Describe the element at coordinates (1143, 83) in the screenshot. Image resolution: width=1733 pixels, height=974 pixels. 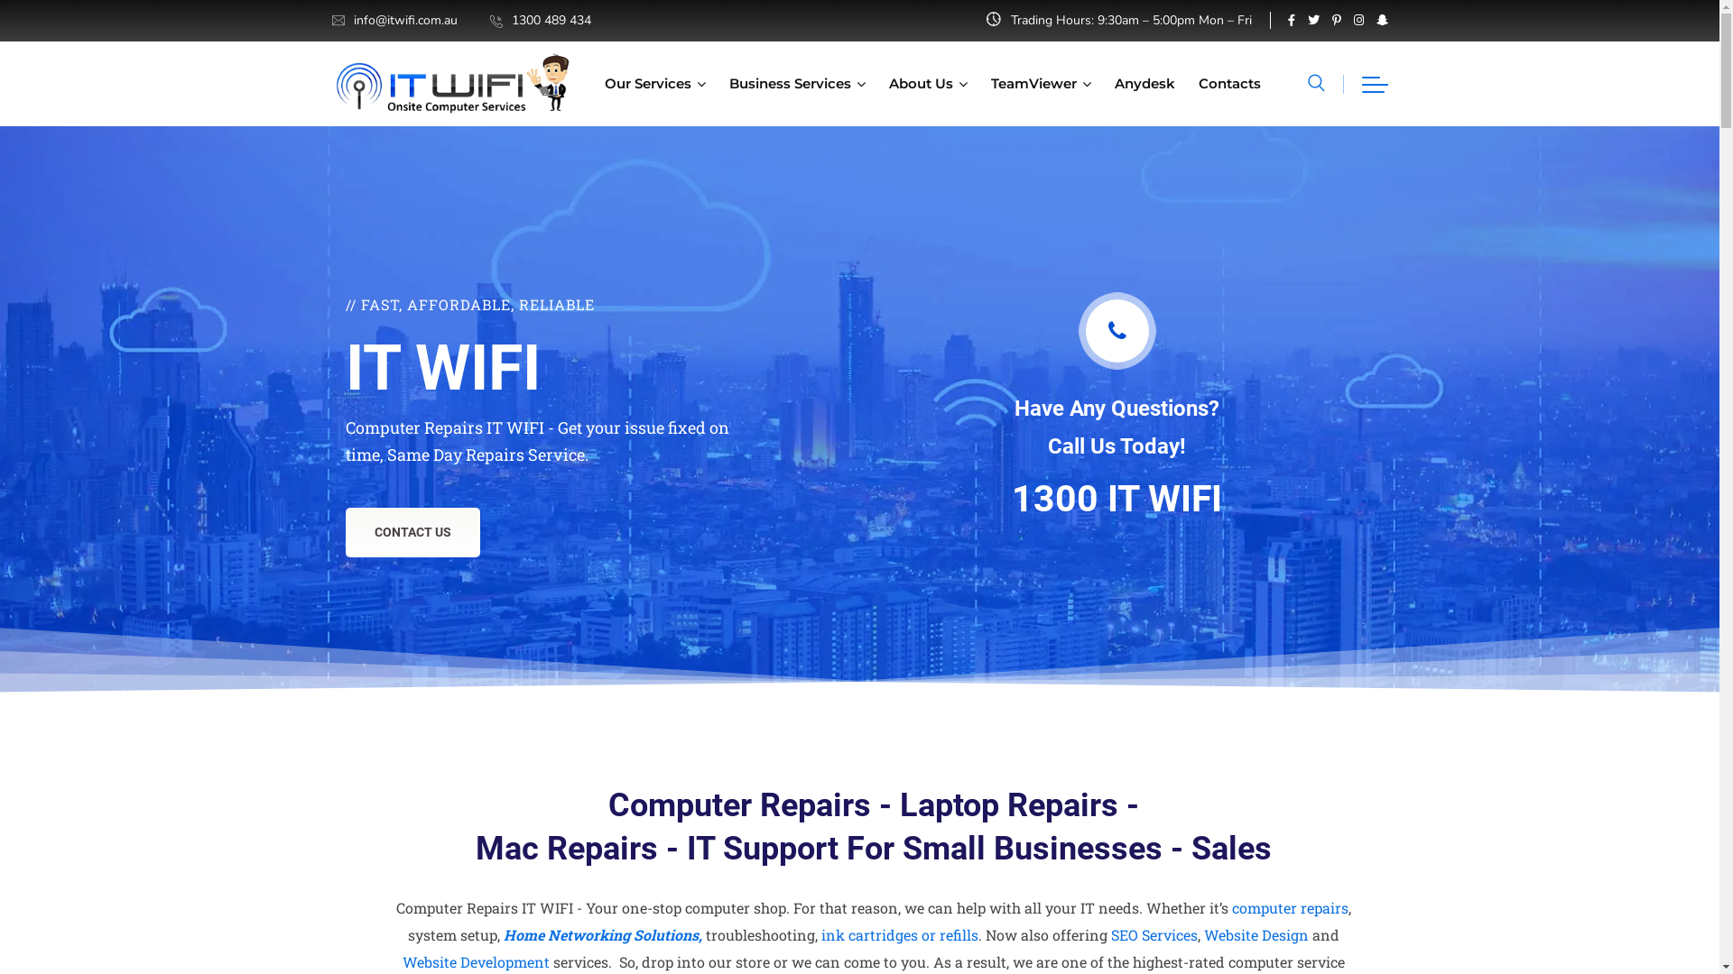
I see `'Anydesk'` at that location.